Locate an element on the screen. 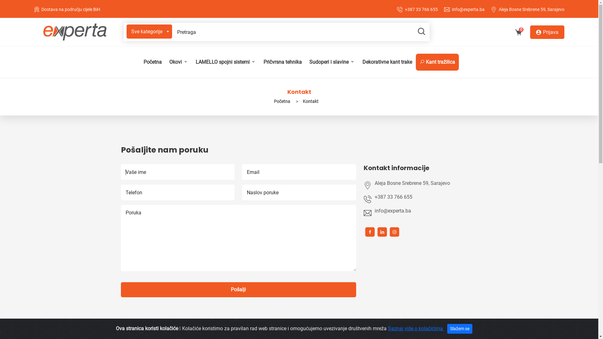 The width and height of the screenshot is (603, 339). 'info@experta.ba' is located at coordinates (468, 9).